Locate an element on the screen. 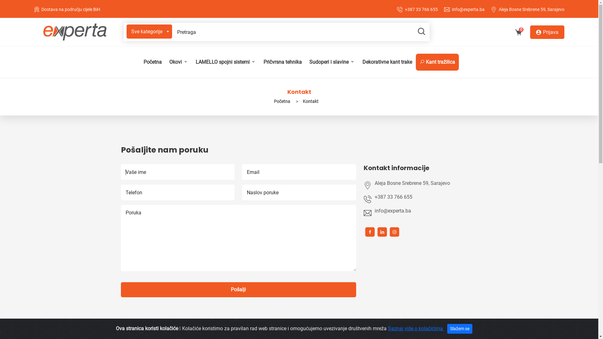 The width and height of the screenshot is (603, 339). 'info@experta.ba' is located at coordinates (468, 9).